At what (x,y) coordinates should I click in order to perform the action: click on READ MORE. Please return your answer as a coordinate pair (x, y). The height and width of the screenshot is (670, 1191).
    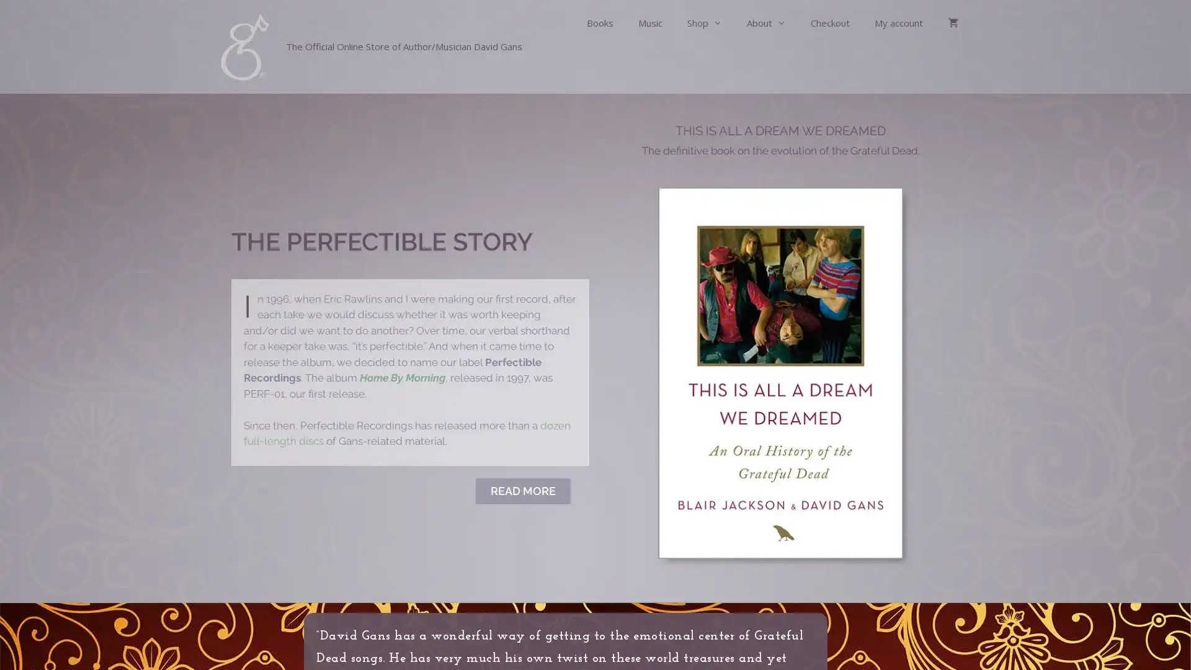
    Looking at the image, I should click on (523, 490).